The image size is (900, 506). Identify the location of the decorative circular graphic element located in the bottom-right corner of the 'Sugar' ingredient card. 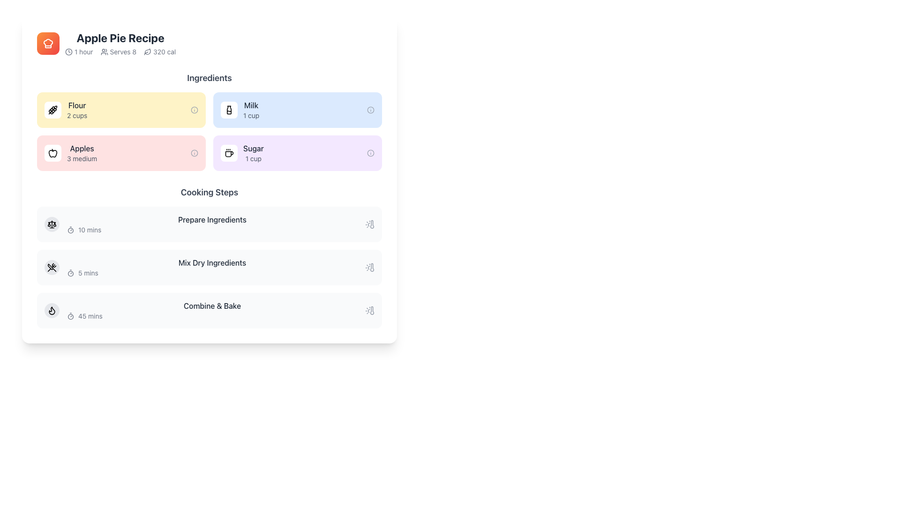
(370, 153).